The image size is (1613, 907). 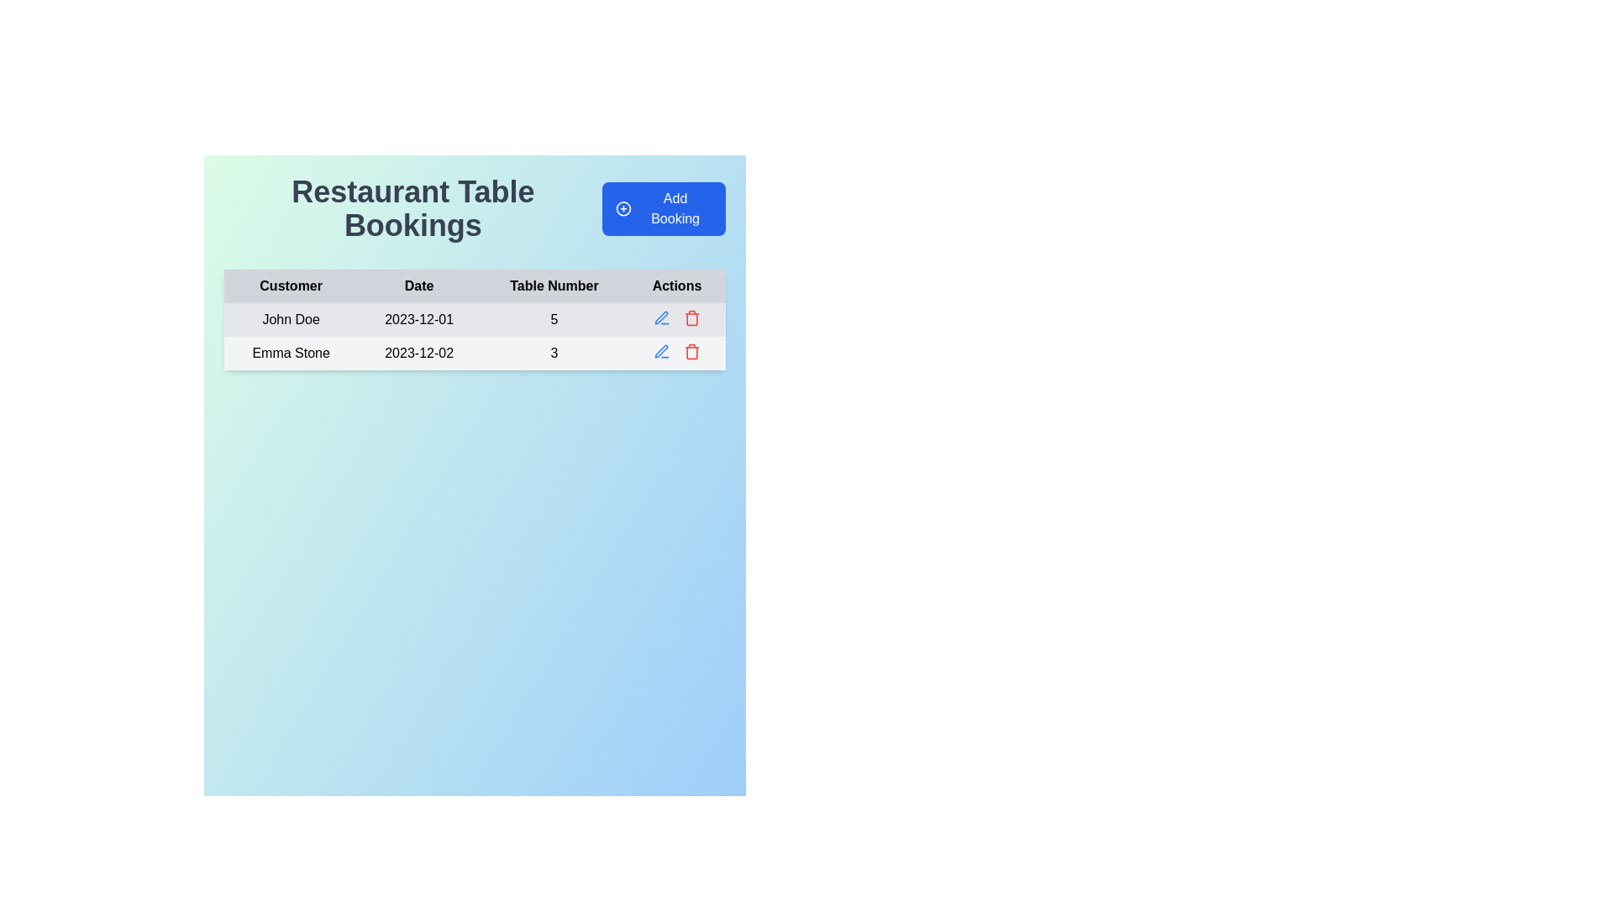 What do you see at coordinates (291, 285) in the screenshot?
I see `the 'Customer' text label, which is the first column header in a table with a light gray background` at bounding box center [291, 285].